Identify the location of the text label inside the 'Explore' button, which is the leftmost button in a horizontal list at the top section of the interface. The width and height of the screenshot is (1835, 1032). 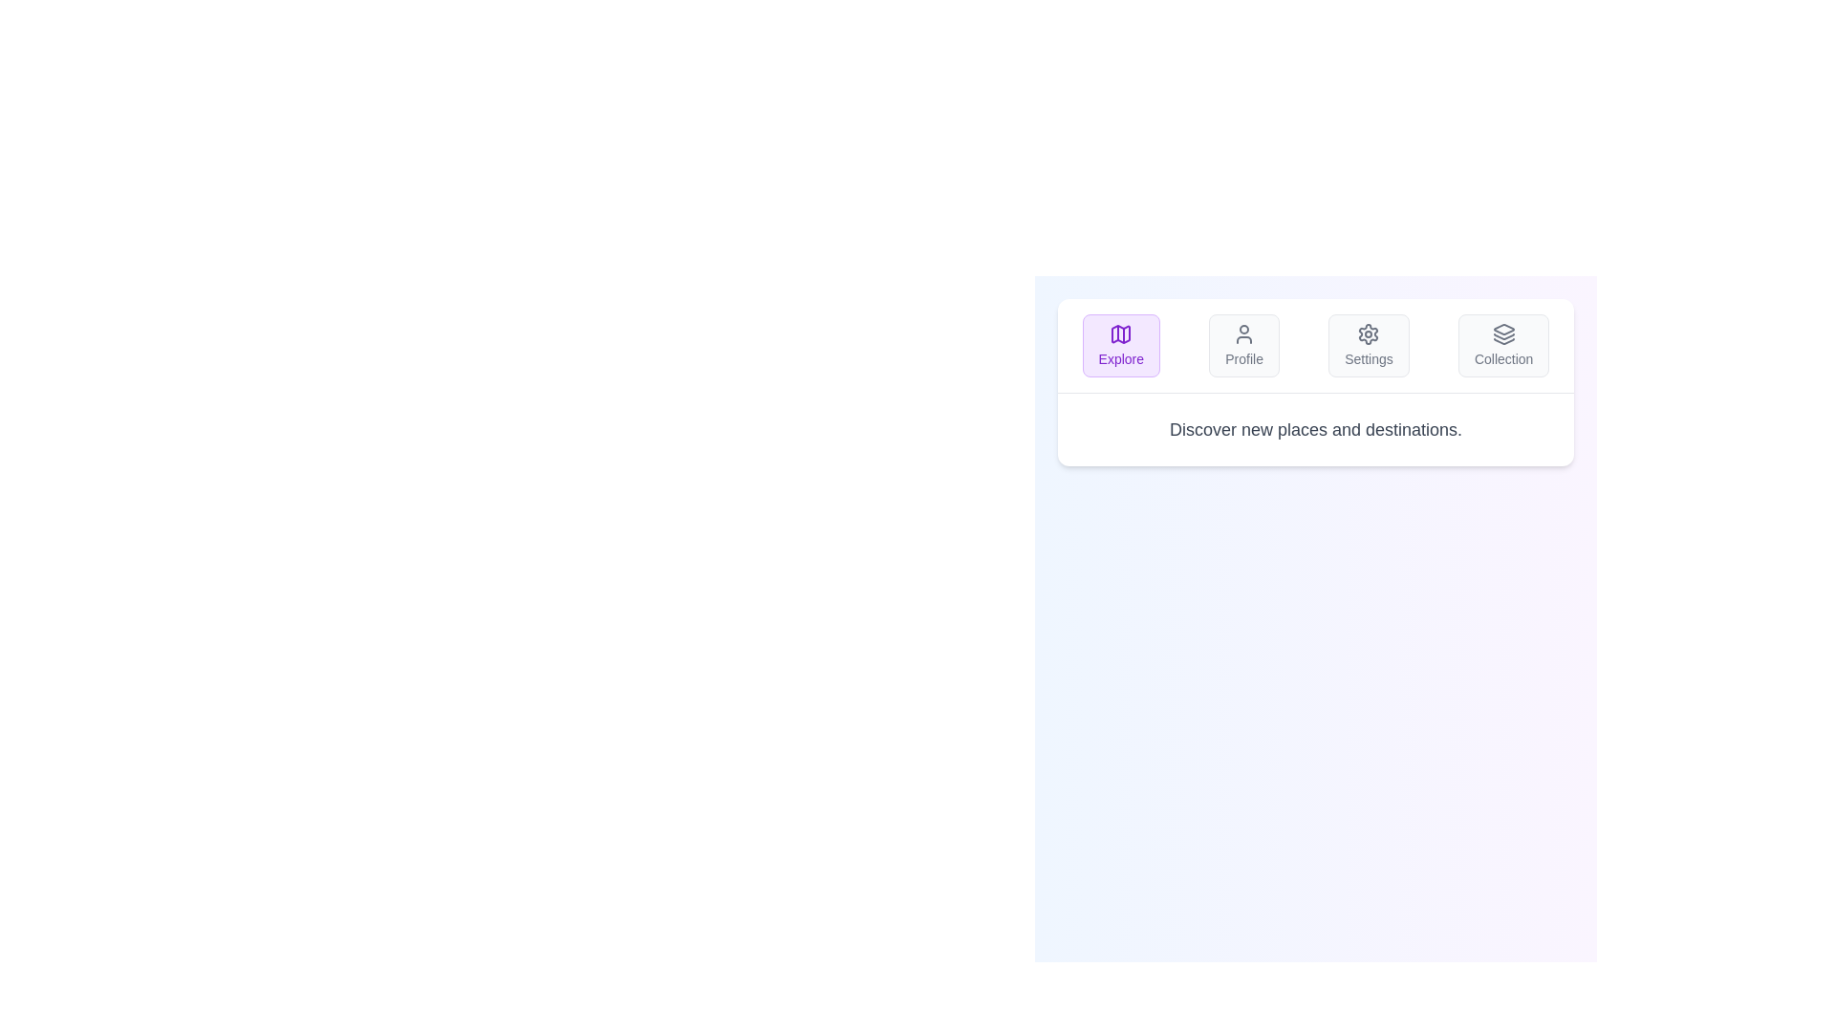
(1121, 358).